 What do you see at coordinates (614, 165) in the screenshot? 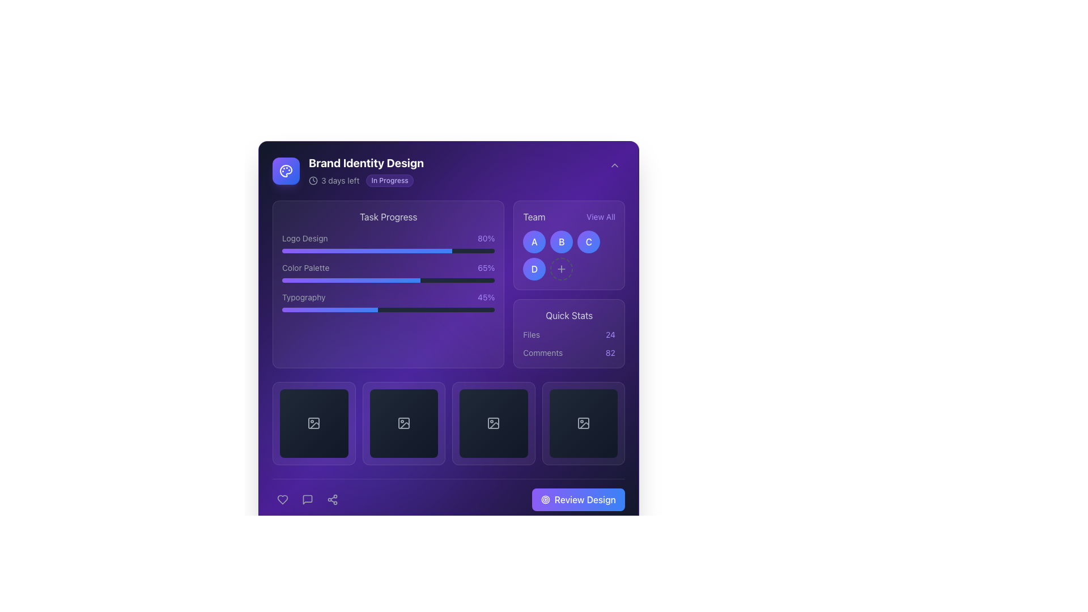
I see `the upward-pointing triangle-shaped button with a purple background, located at the top-right corner of the card next to the header text 'Brand Identity Design'` at bounding box center [614, 165].